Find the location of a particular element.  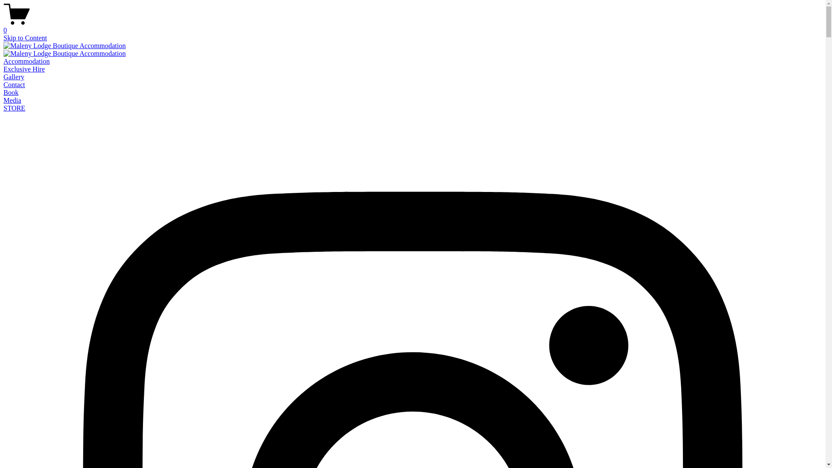

'Accommodation' is located at coordinates (26, 61).